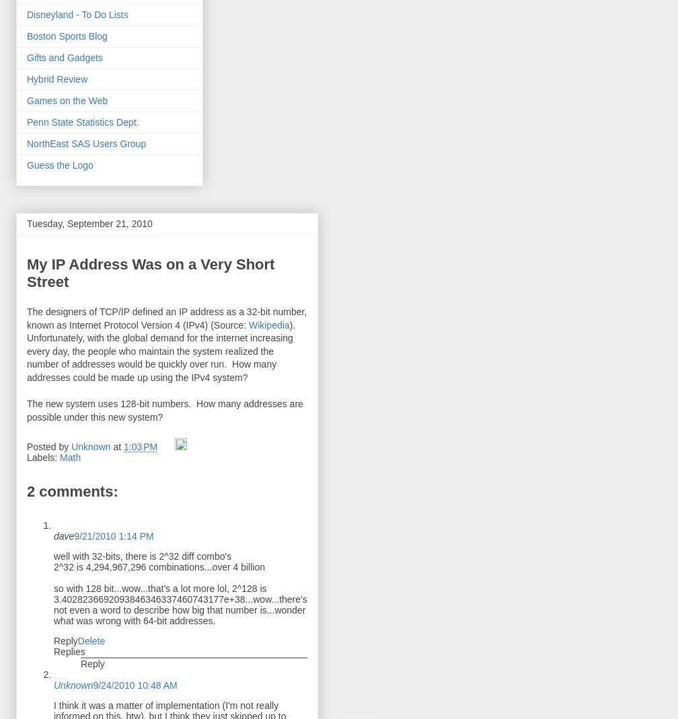  Describe the element at coordinates (27, 223) in the screenshot. I see `'Tuesday, September 21, 2010'` at that location.